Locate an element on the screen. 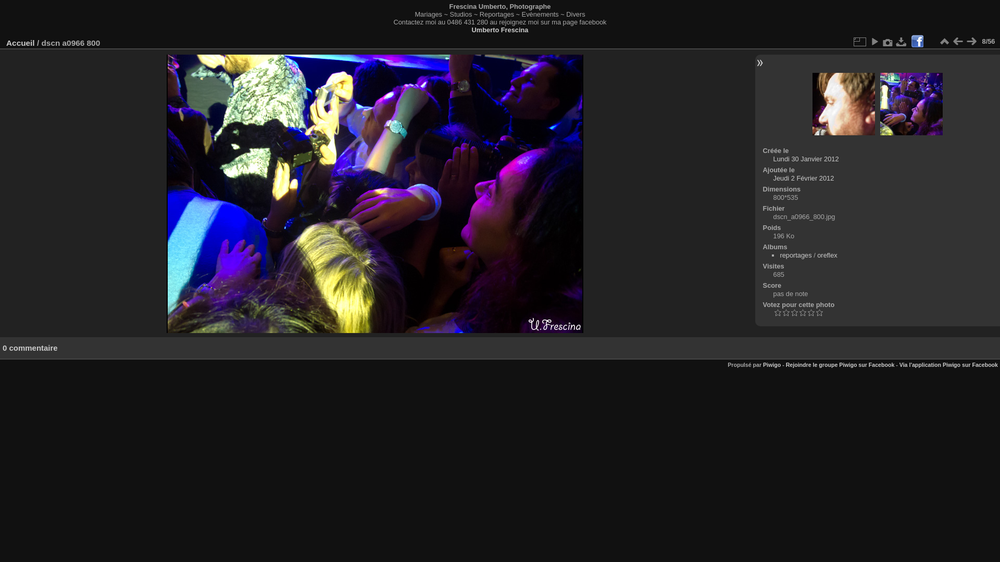 The width and height of the screenshot is (1000, 562). 'Tailles de photo' is located at coordinates (859, 41).